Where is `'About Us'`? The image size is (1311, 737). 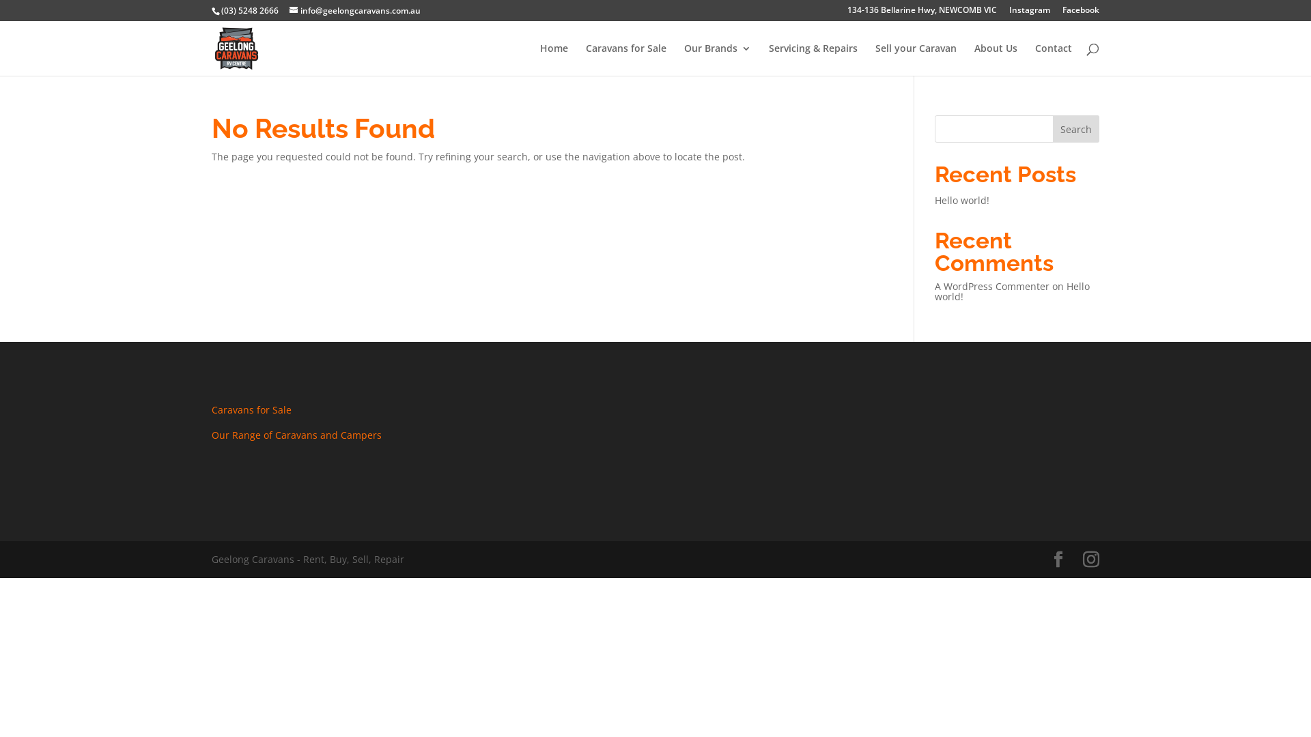
'About Us' is located at coordinates (996, 59).